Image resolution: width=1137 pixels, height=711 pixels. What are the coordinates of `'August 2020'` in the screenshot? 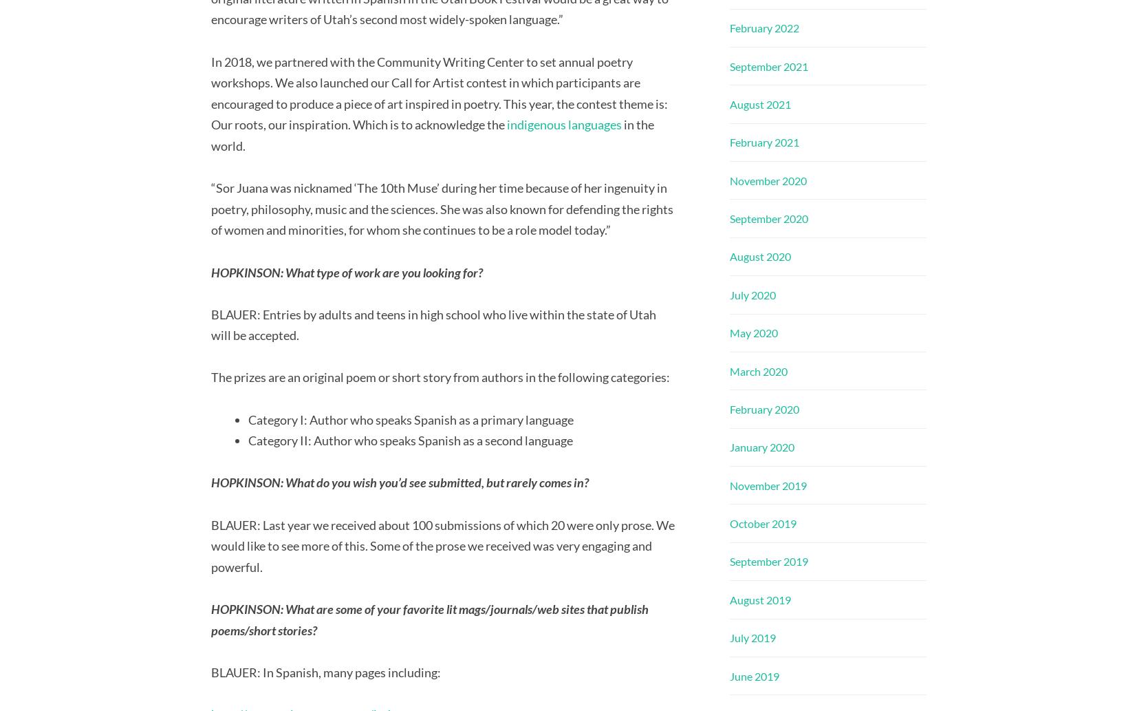 It's located at (759, 256).